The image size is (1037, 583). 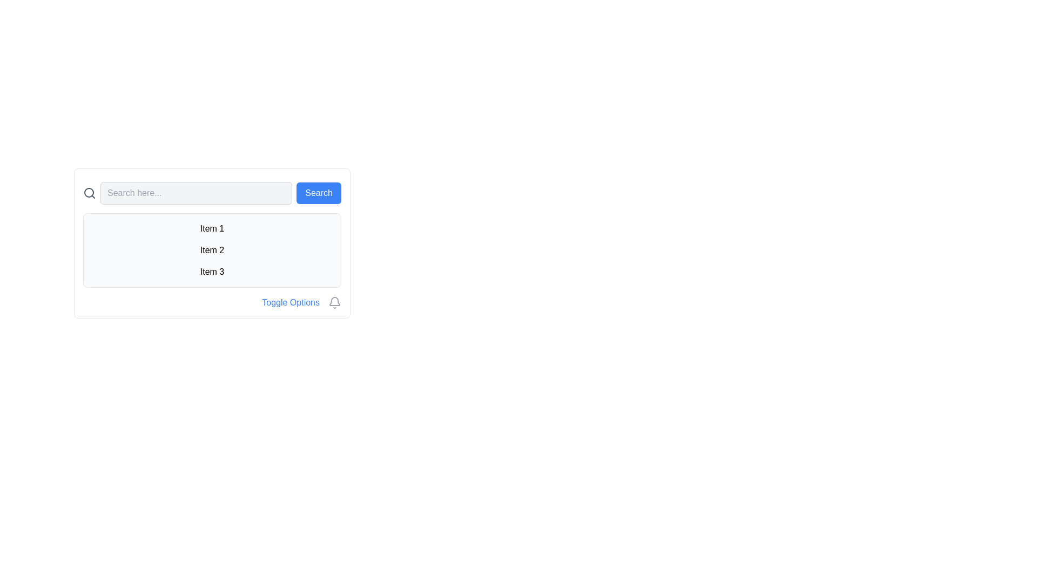 What do you see at coordinates (291, 302) in the screenshot?
I see `the hyperlink labeled 'Toggle Options'` at bounding box center [291, 302].